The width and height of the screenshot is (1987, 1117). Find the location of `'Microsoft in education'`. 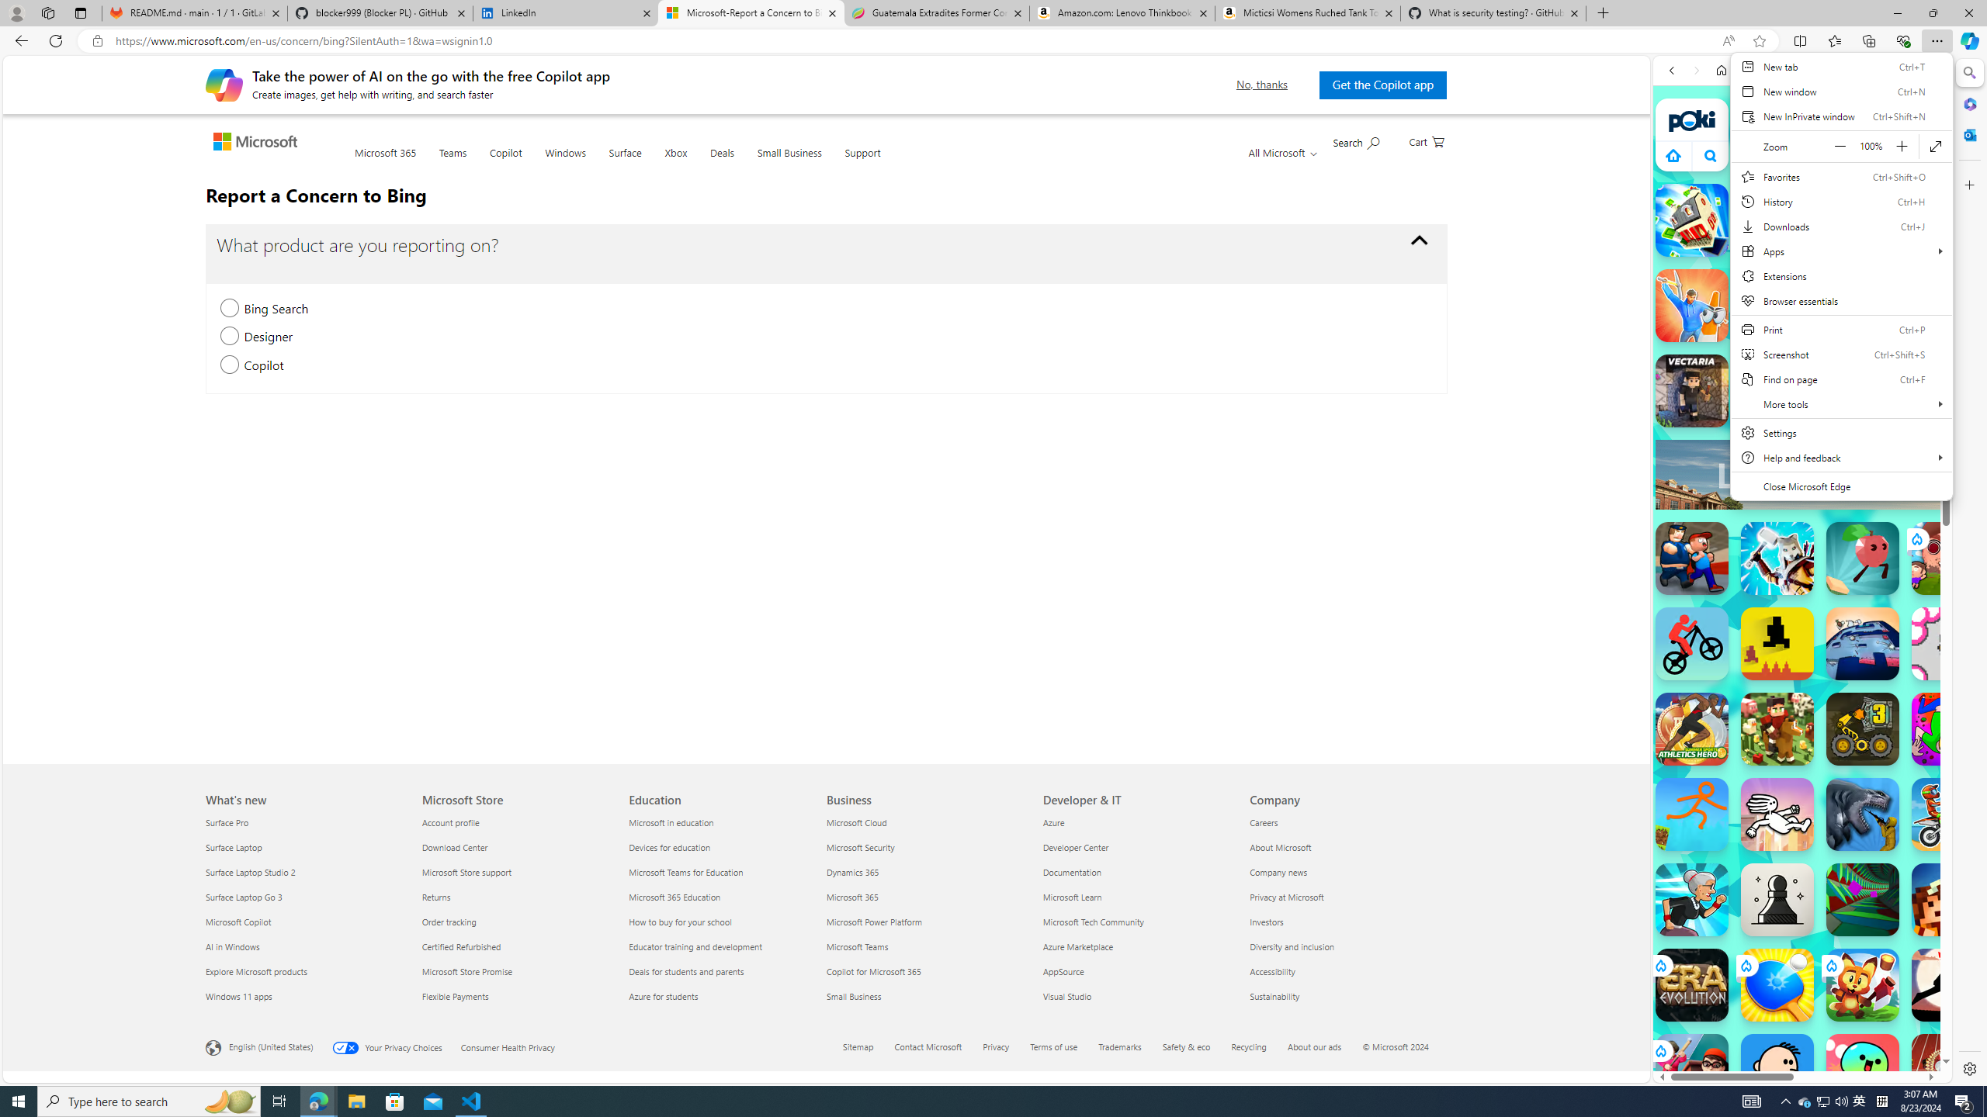

'Microsoft in education' is located at coordinates (721, 822).